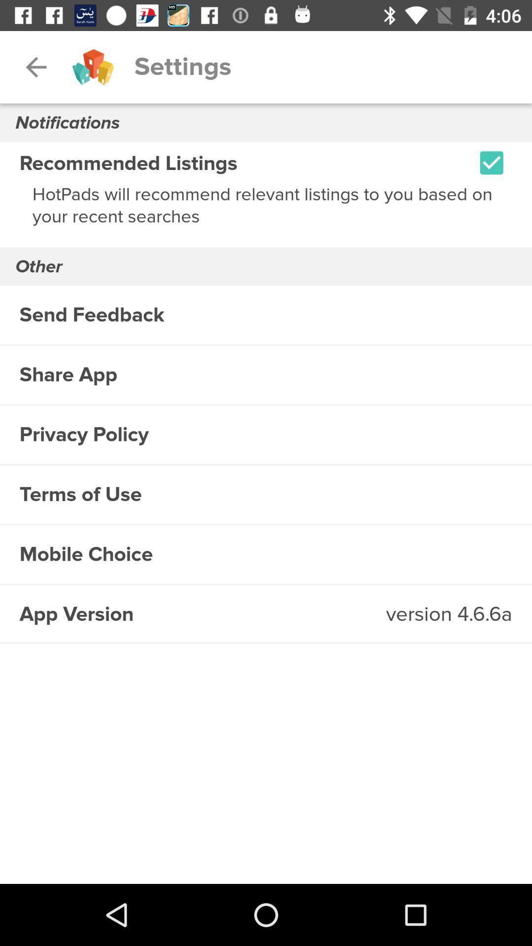 This screenshot has height=946, width=532. Describe the element at coordinates (266, 495) in the screenshot. I see `terms of use item` at that location.